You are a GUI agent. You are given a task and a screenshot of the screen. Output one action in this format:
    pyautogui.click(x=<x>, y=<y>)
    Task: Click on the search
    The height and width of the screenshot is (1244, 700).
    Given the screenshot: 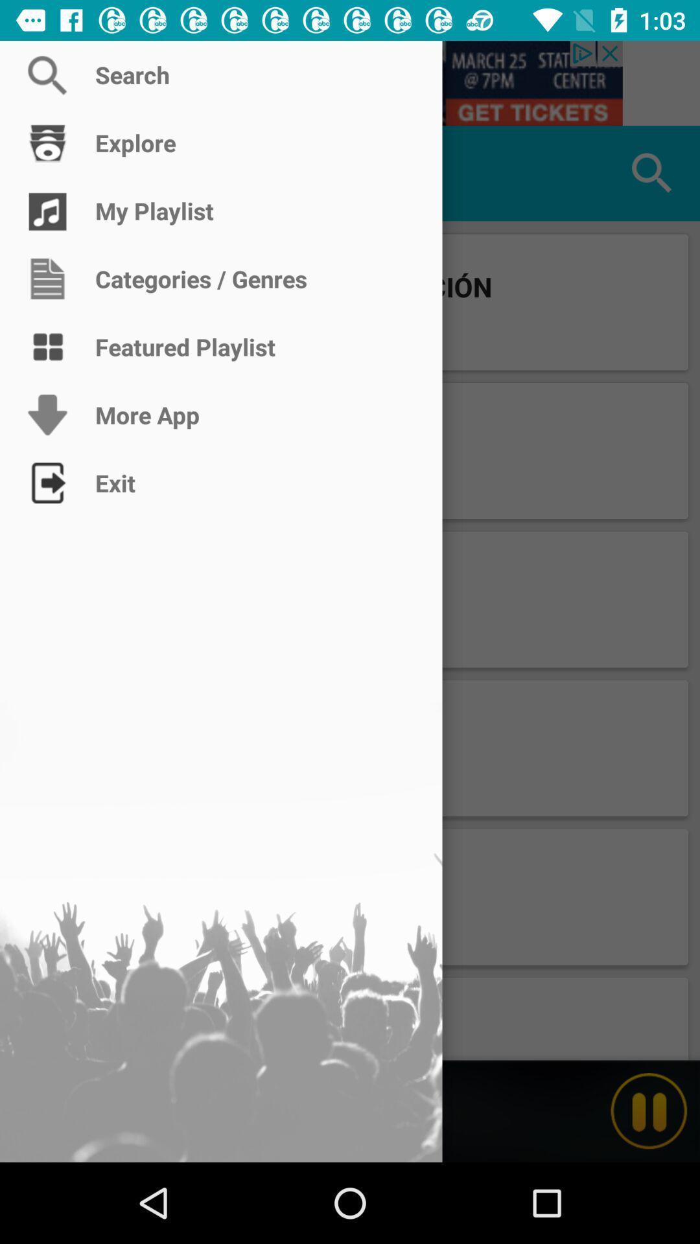 What is the action you would take?
    pyautogui.click(x=350, y=82)
    